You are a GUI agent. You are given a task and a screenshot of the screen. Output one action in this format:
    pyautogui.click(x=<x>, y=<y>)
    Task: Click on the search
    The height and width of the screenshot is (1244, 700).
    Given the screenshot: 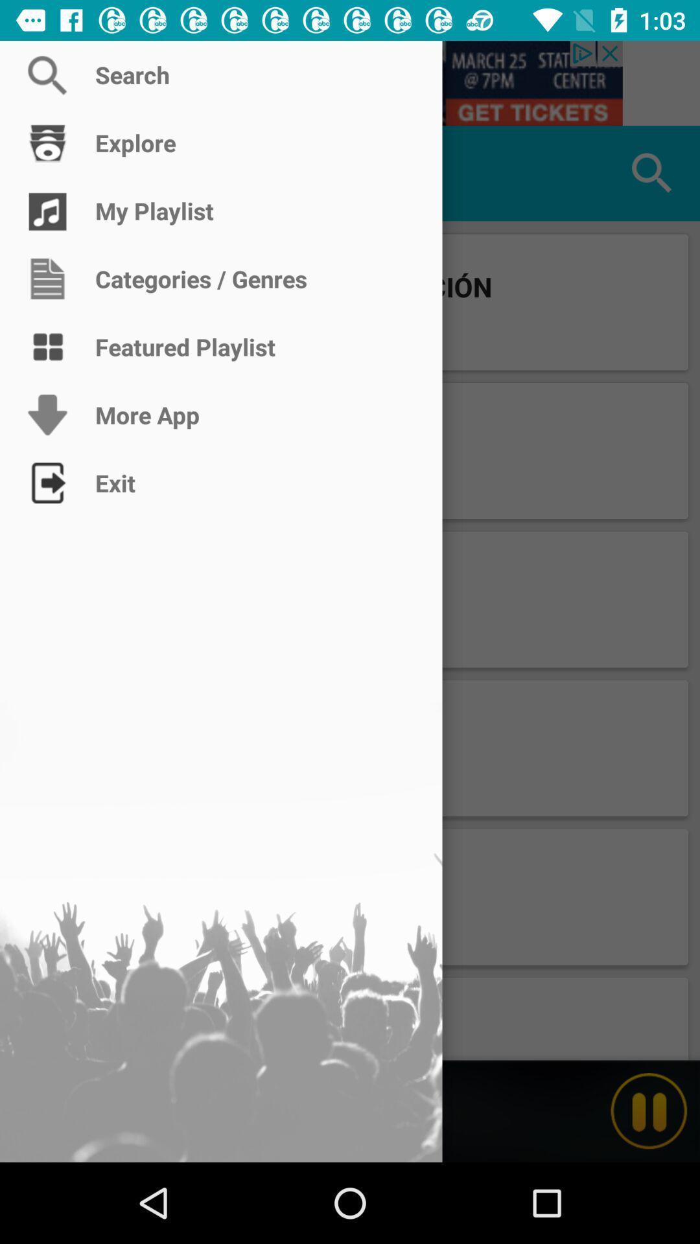 What is the action you would take?
    pyautogui.click(x=350, y=82)
    